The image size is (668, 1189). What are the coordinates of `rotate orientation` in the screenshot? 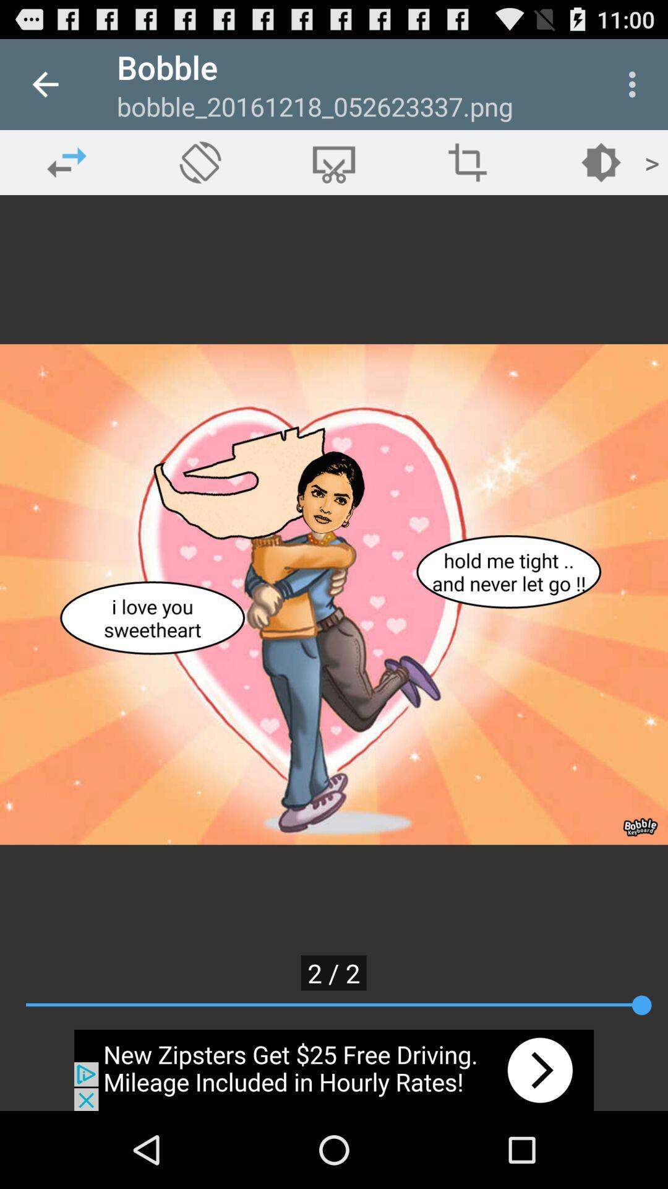 It's located at (200, 162).